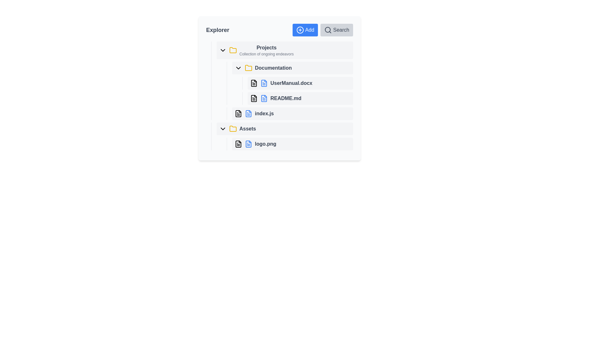 This screenshot has width=608, height=342. Describe the element at coordinates (300, 98) in the screenshot. I see `the selectable file entry located as the second item under the 'Documentation' folder in the file explorer` at that location.